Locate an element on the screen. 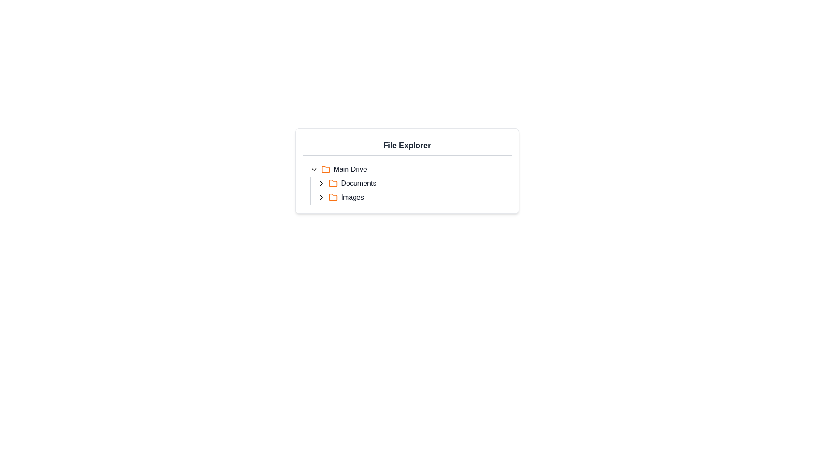 This screenshot has width=839, height=472. the second item is located at coordinates (414, 183).